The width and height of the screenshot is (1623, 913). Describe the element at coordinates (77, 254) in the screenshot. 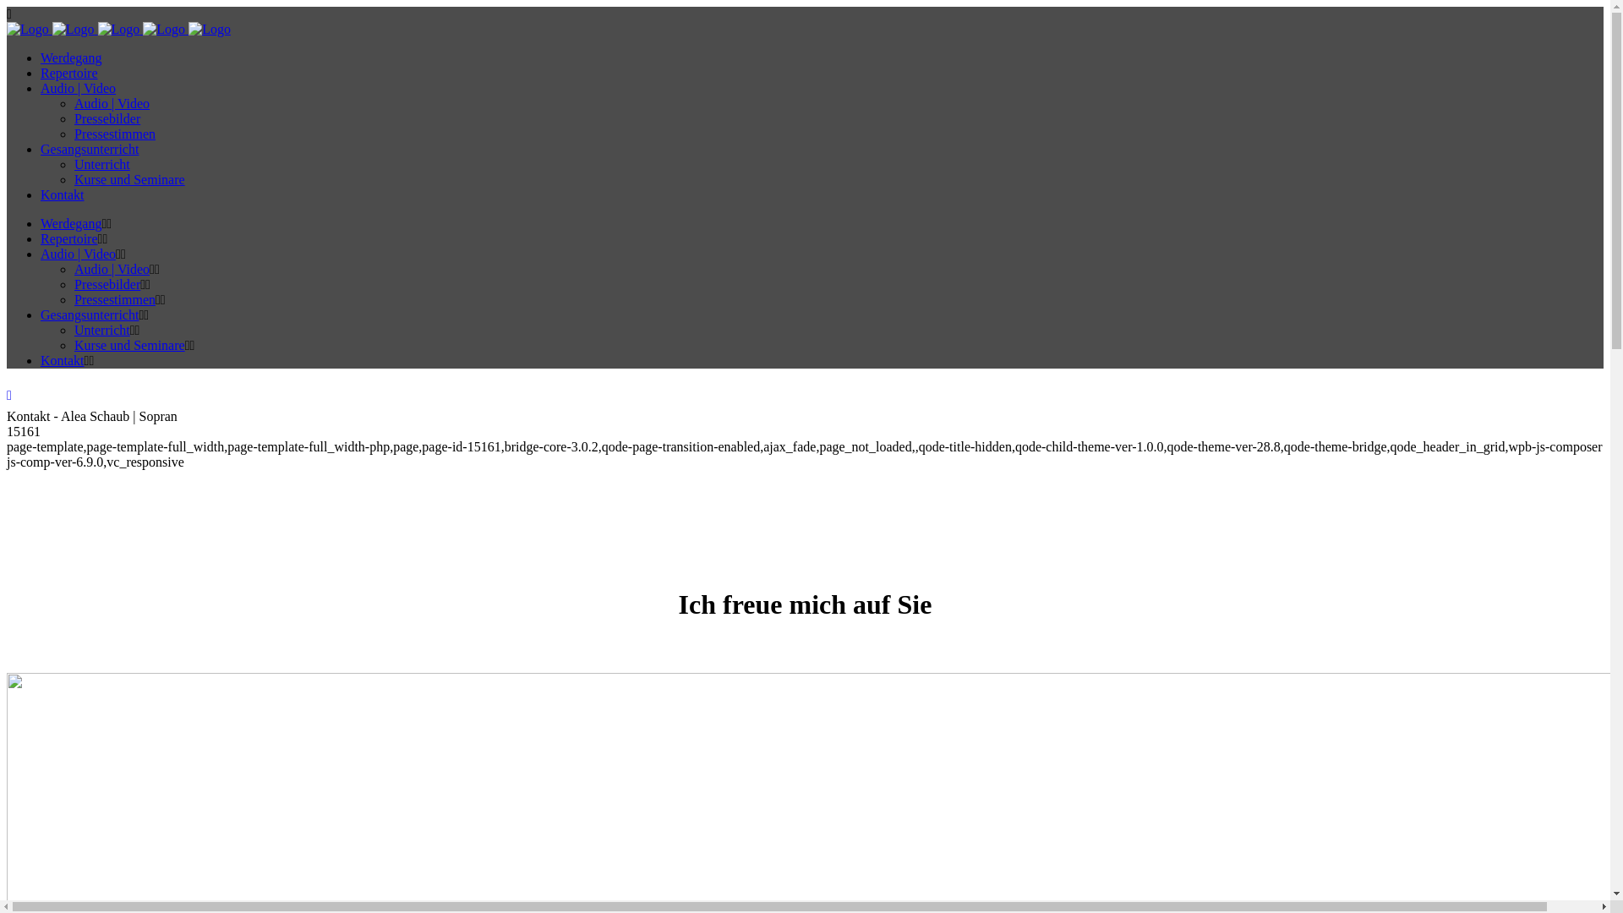

I see `'Audio | Video'` at that location.